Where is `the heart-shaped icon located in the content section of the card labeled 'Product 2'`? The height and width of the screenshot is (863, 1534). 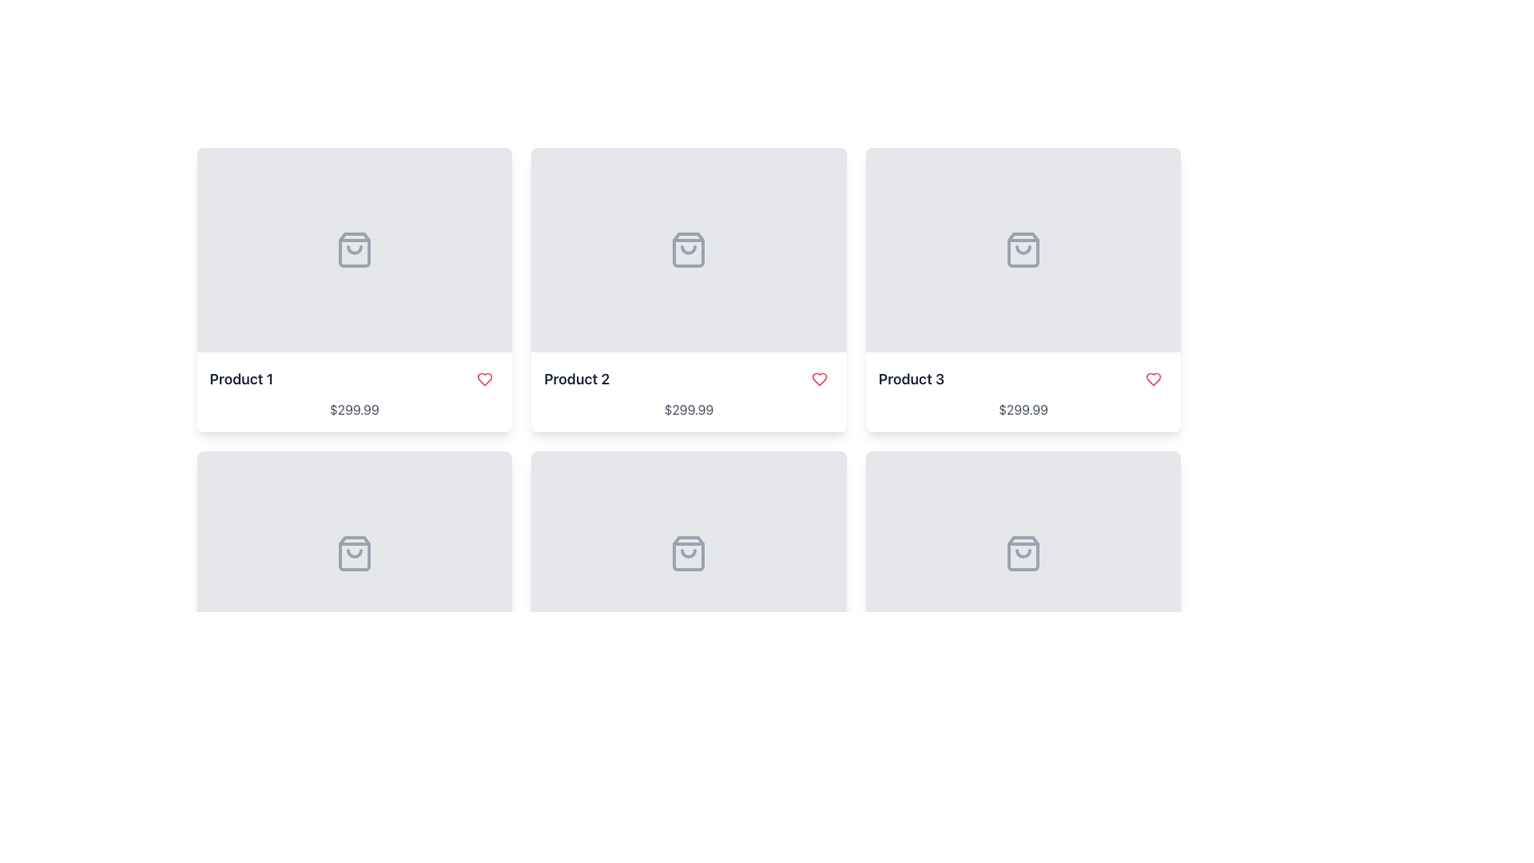 the heart-shaped icon located in the content section of the card labeled 'Product 2' is located at coordinates (484, 379).